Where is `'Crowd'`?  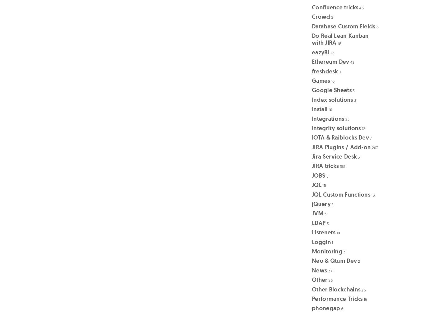 'Crowd' is located at coordinates (321, 16).